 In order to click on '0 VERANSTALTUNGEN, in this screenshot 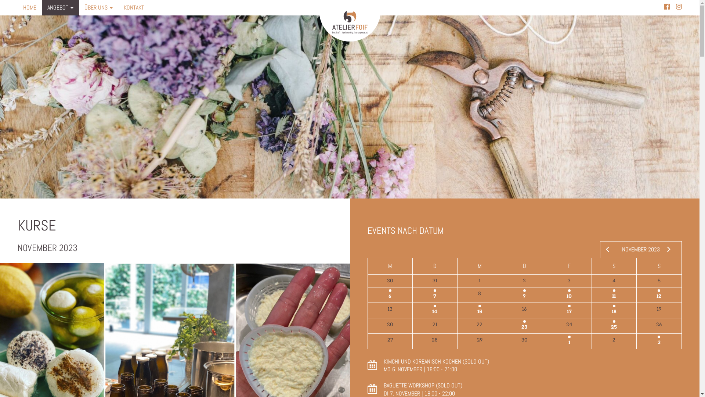, I will do `click(659, 280)`.